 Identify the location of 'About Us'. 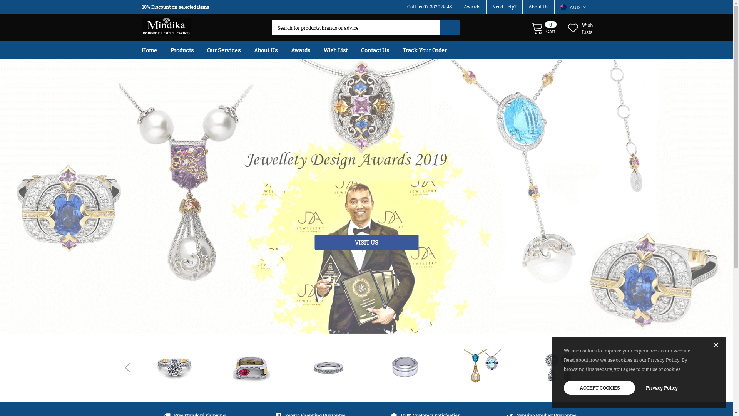
(272, 50).